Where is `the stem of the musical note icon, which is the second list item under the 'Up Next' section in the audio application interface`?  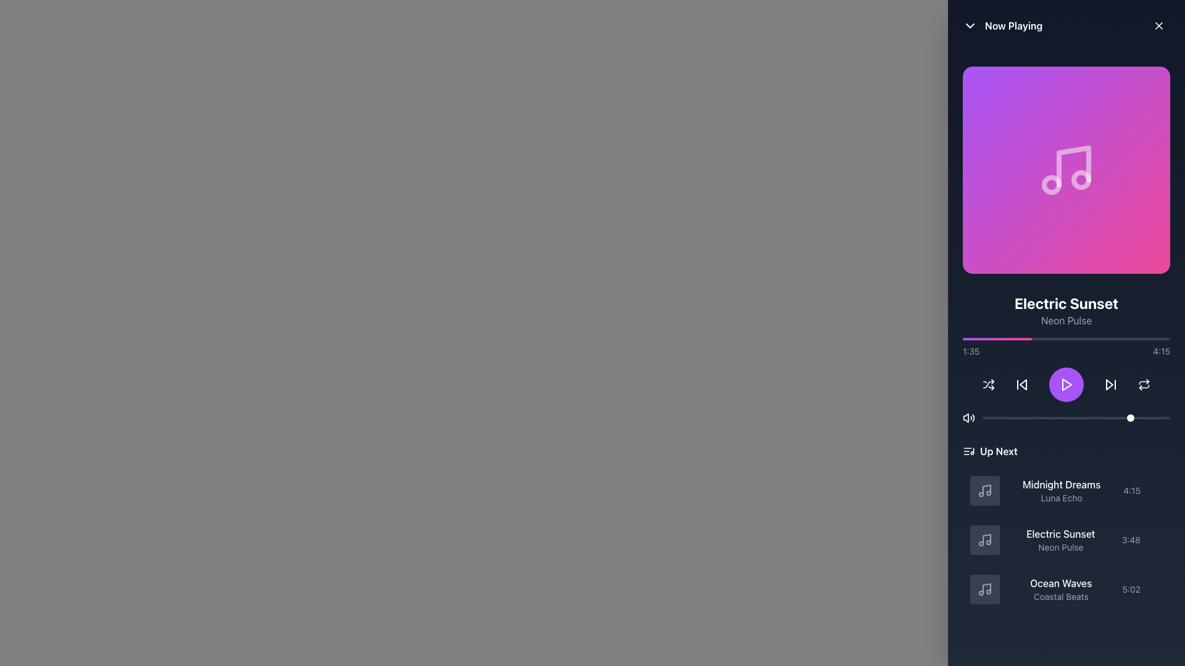 the stem of the musical note icon, which is the second list item under the 'Up Next' section in the audio application interface is located at coordinates (986, 538).